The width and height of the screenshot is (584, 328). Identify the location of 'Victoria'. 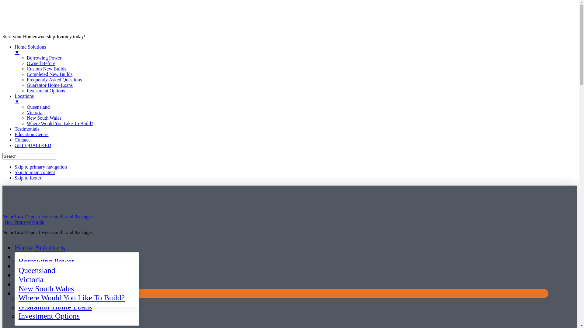
(30, 279).